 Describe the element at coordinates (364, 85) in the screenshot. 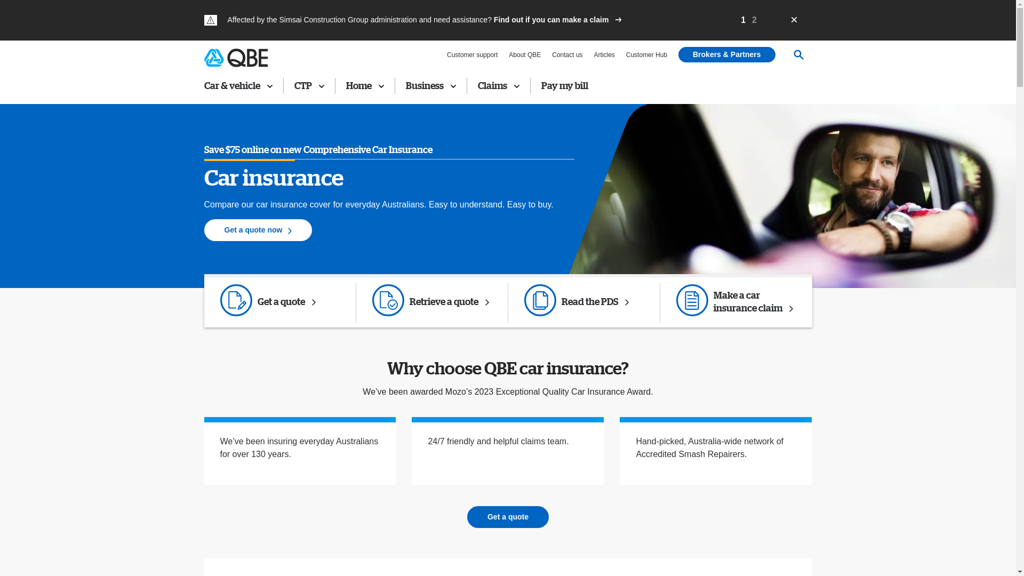

I see `'Home'` at that location.